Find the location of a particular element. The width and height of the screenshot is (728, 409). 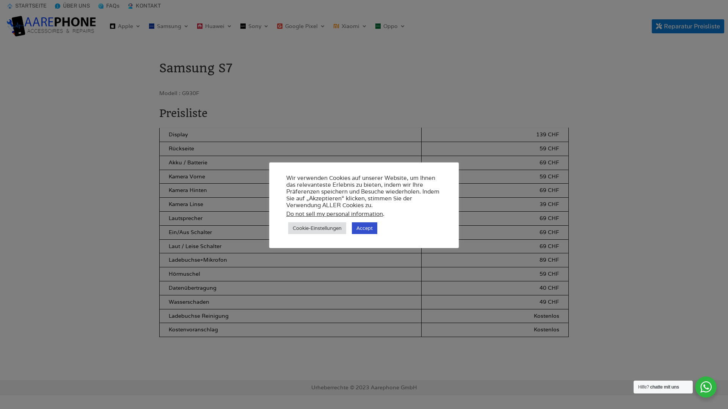

'Cookie-Einstellungen' is located at coordinates (317, 228).